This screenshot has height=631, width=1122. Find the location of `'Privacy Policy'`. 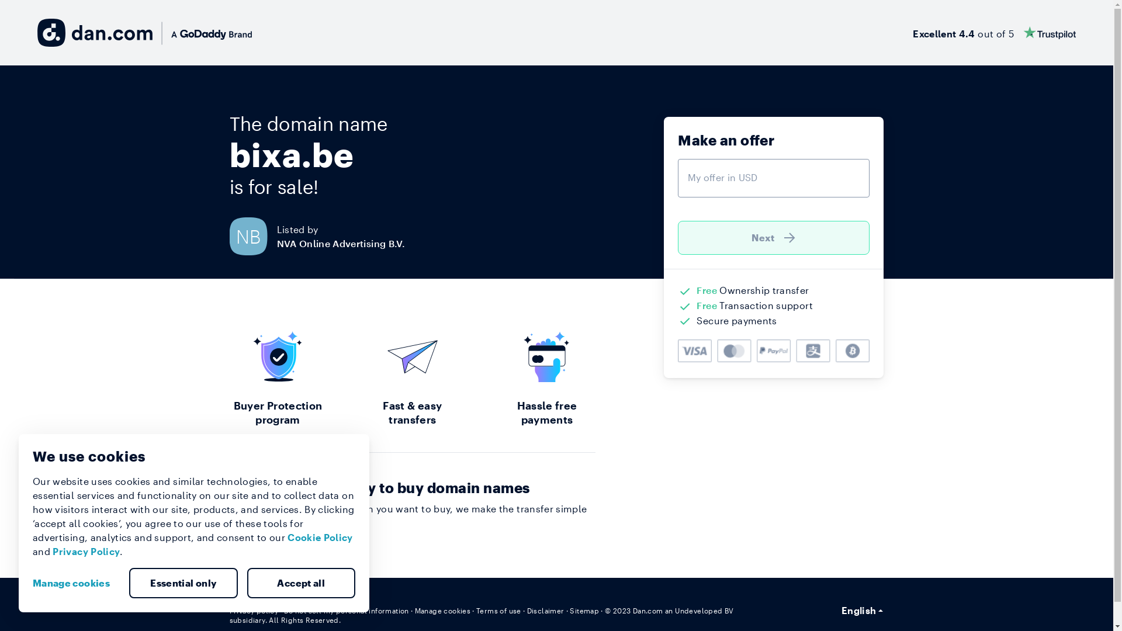

'Privacy Policy' is located at coordinates (85, 551).